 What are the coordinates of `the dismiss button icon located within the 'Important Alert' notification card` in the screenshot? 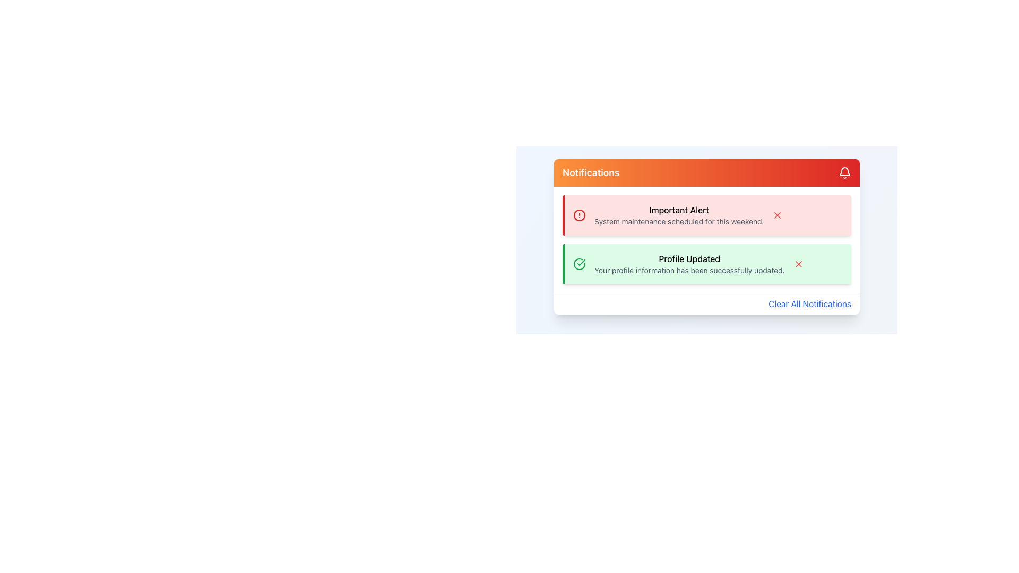 It's located at (778, 215).